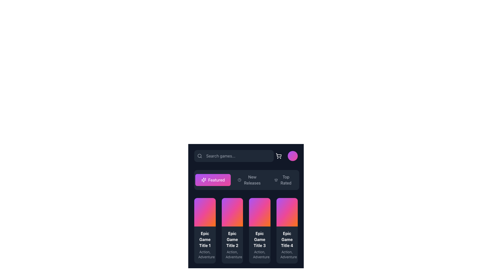 This screenshot has width=480, height=270. I want to click on text block containing the game's title and genres located at the bottom of the fourth game card from the left, so click(287, 244).